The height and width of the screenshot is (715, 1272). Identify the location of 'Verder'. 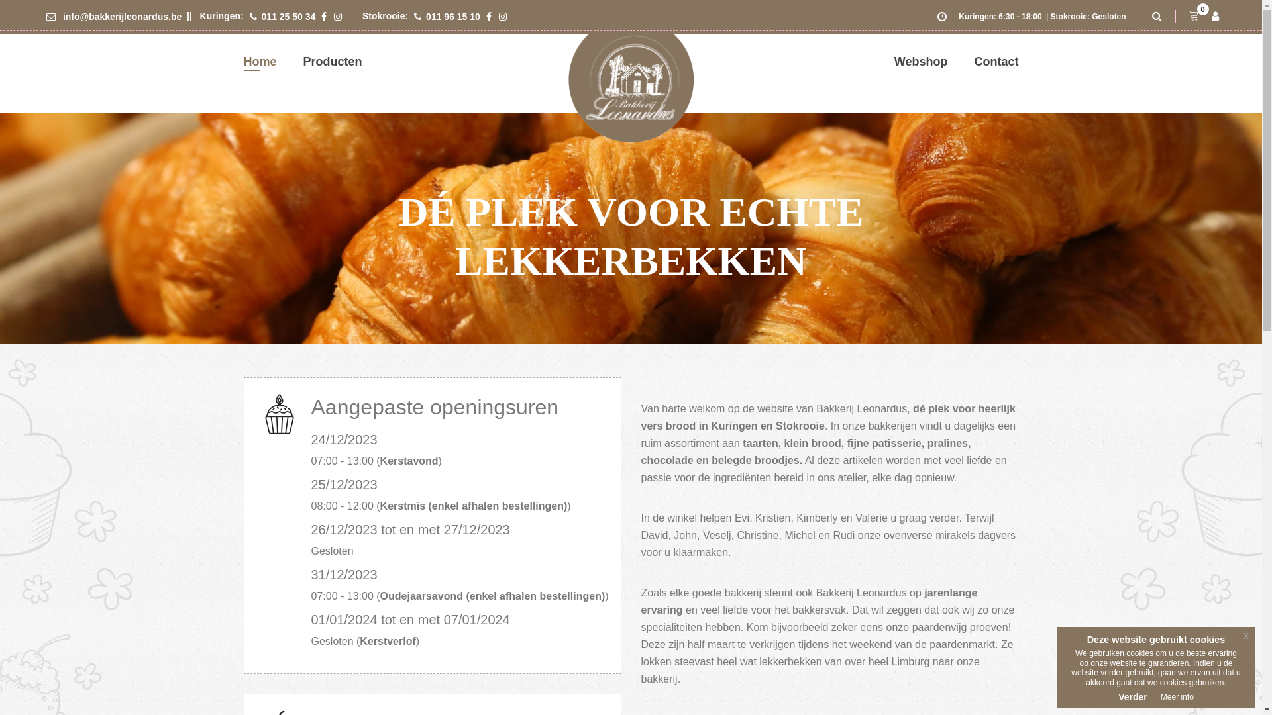
(1118, 696).